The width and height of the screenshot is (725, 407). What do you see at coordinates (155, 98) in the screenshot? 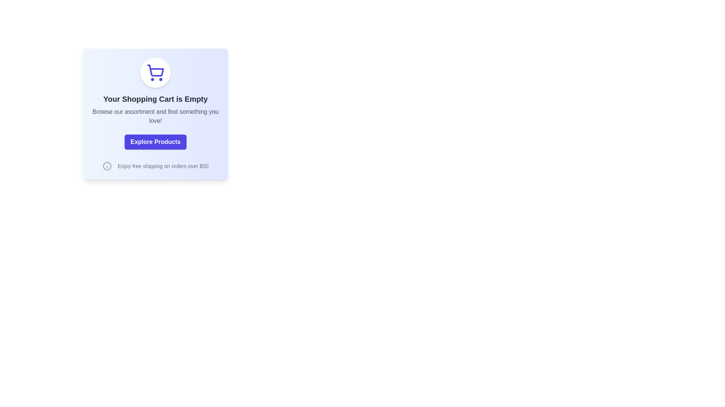
I see `message displayed in the text label that informs the user their shopping cart is empty, positioned centrally below the shopping cart icon` at bounding box center [155, 98].